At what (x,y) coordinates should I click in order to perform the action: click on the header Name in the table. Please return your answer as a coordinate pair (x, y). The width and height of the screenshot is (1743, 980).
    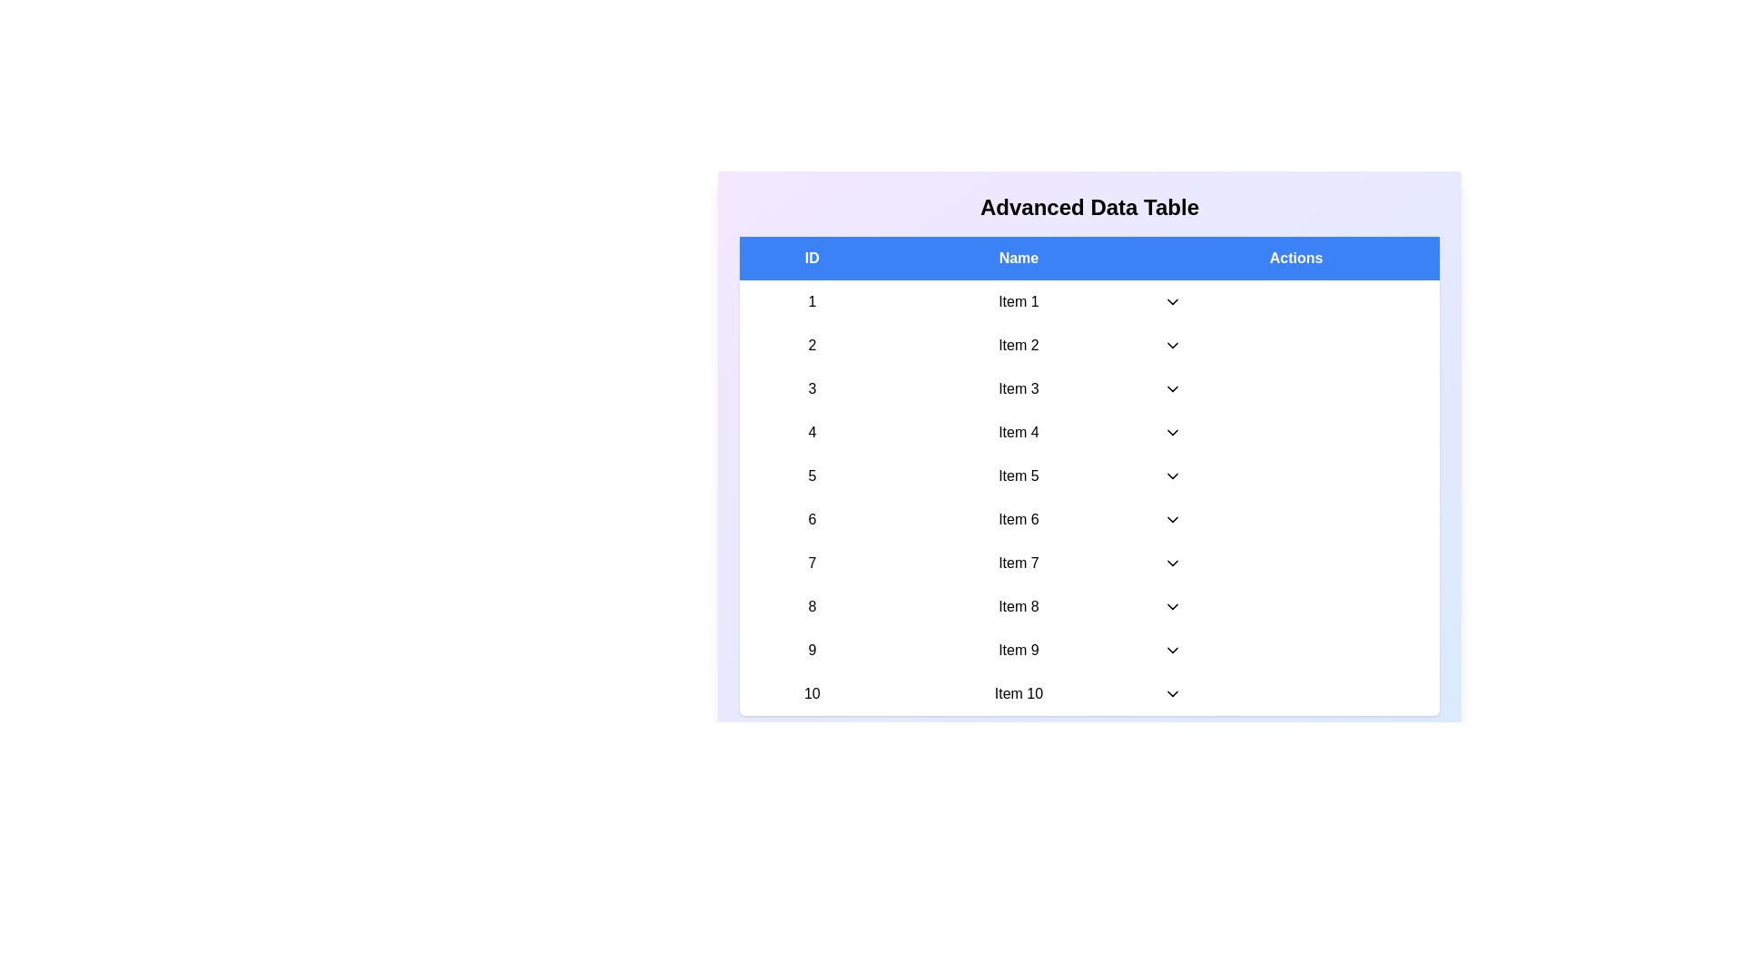
    Looking at the image, I should click on (1019, 259).